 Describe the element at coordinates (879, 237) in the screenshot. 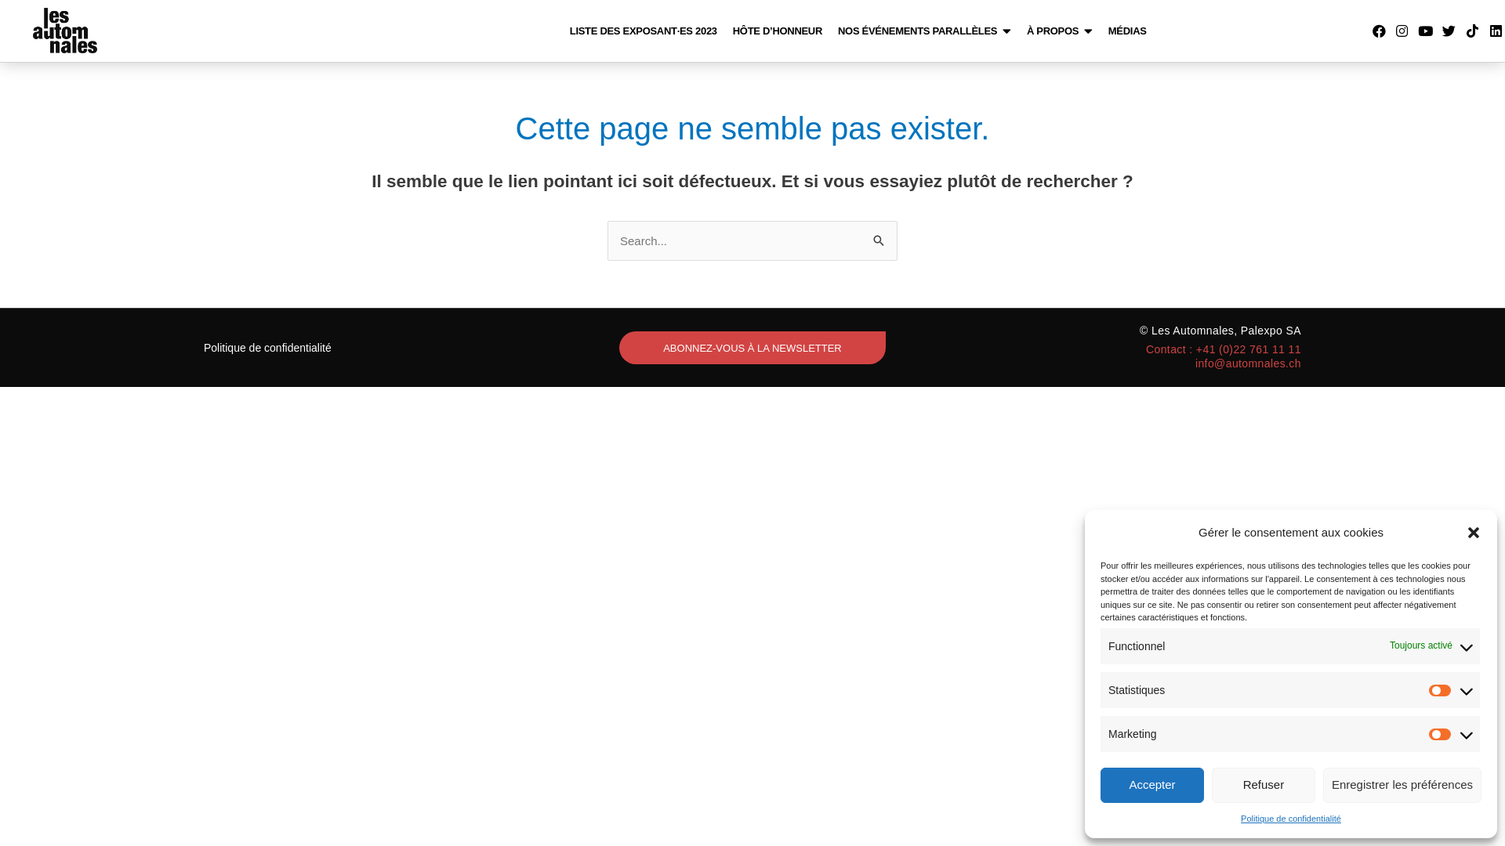

I see `'Rechercher'` at that location.